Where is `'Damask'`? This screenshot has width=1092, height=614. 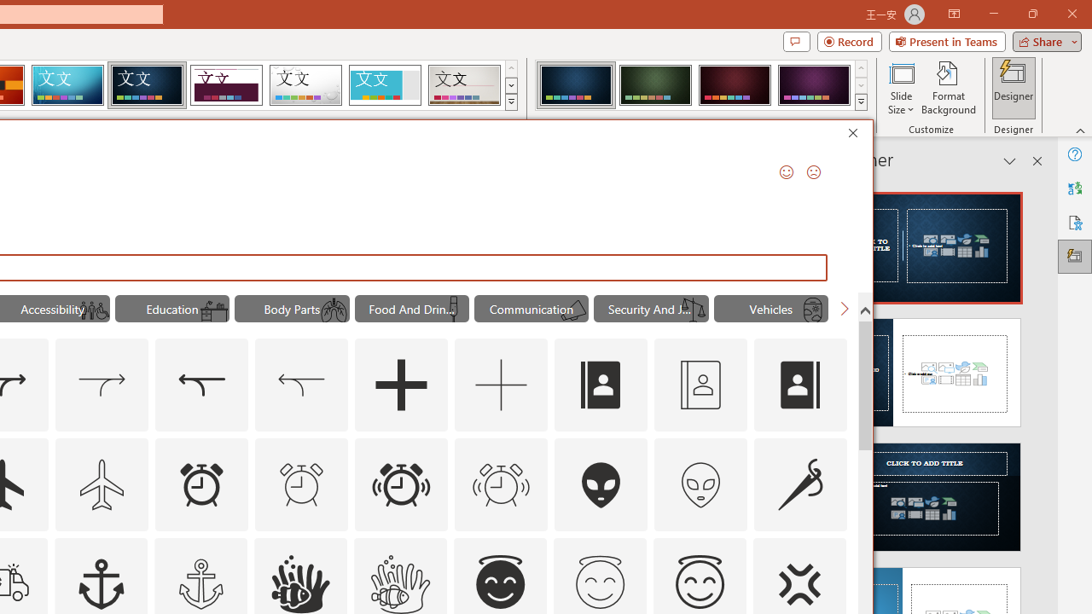
'Damask' is located at coordinates (147, 85).